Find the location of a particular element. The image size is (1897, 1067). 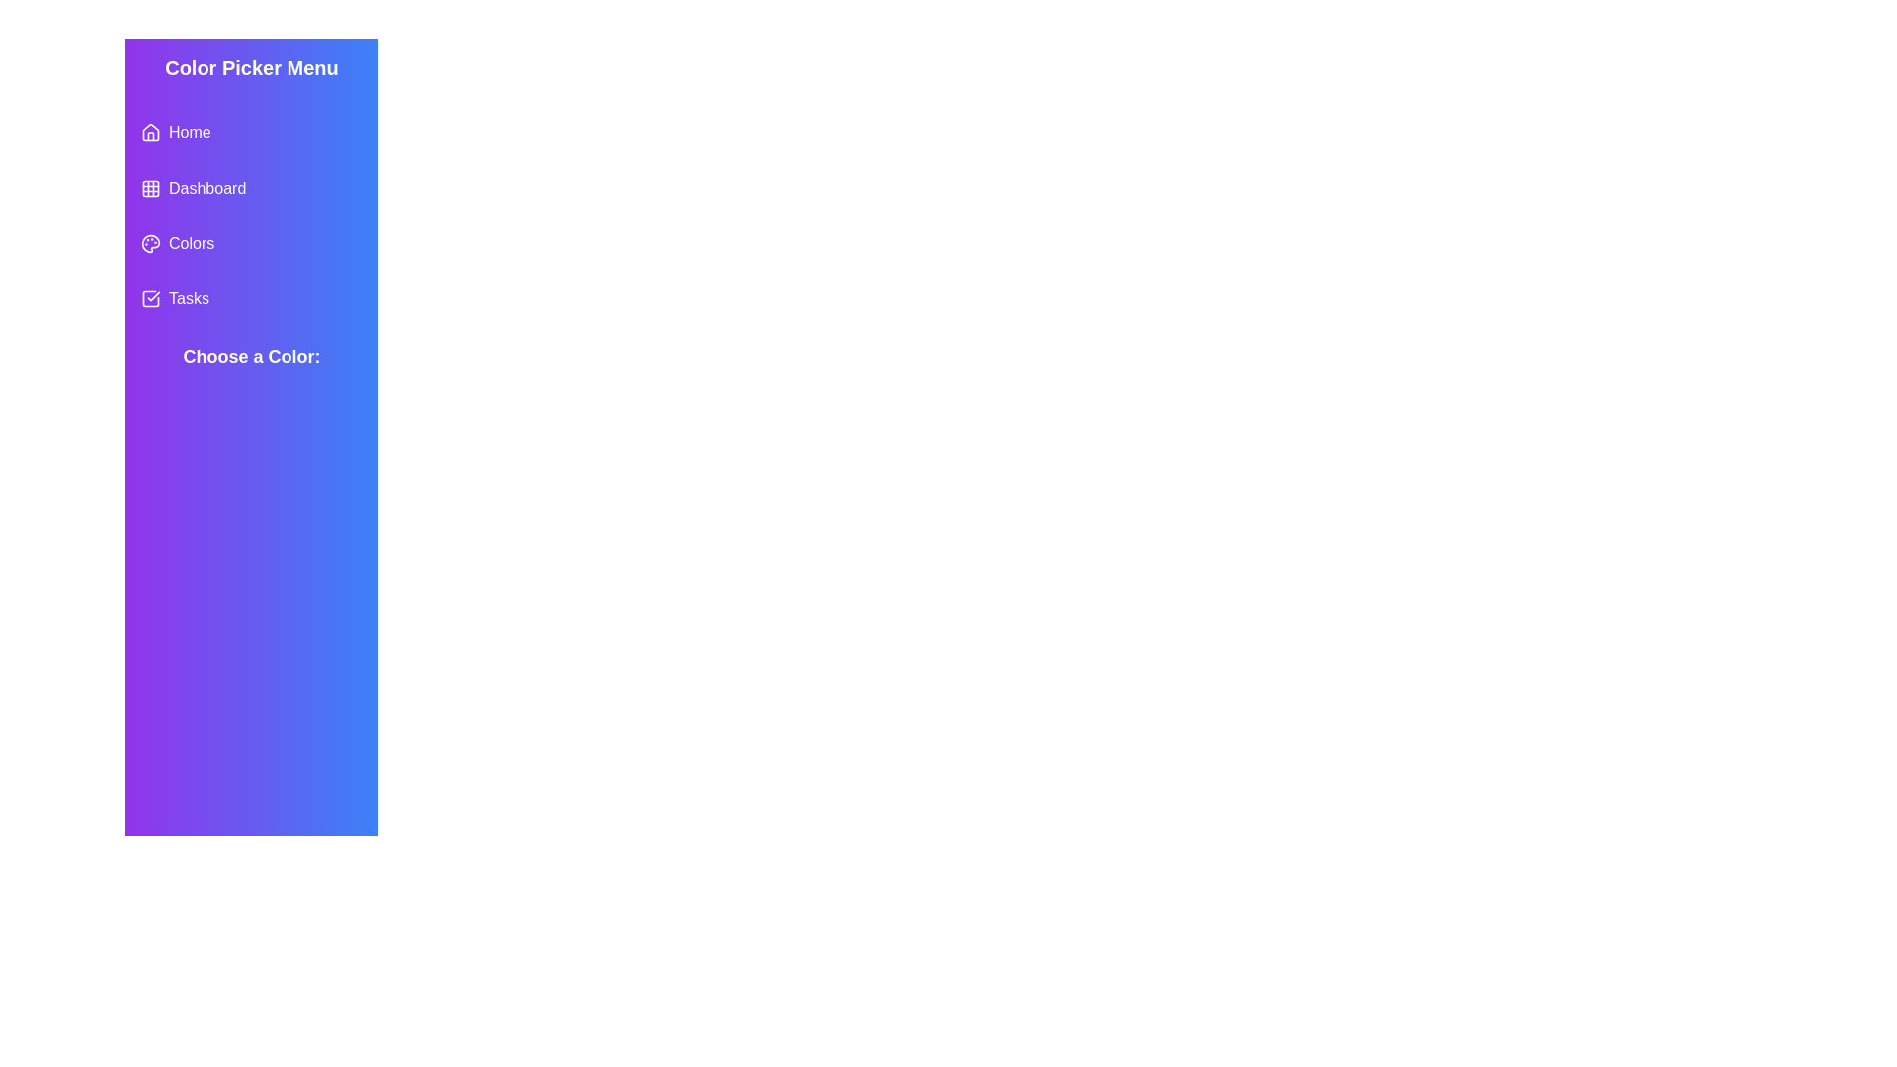

the house-shaped icon in the vertical navigation menu, which is the first entry labeled 'Home' is located at coordinates (150, 133).